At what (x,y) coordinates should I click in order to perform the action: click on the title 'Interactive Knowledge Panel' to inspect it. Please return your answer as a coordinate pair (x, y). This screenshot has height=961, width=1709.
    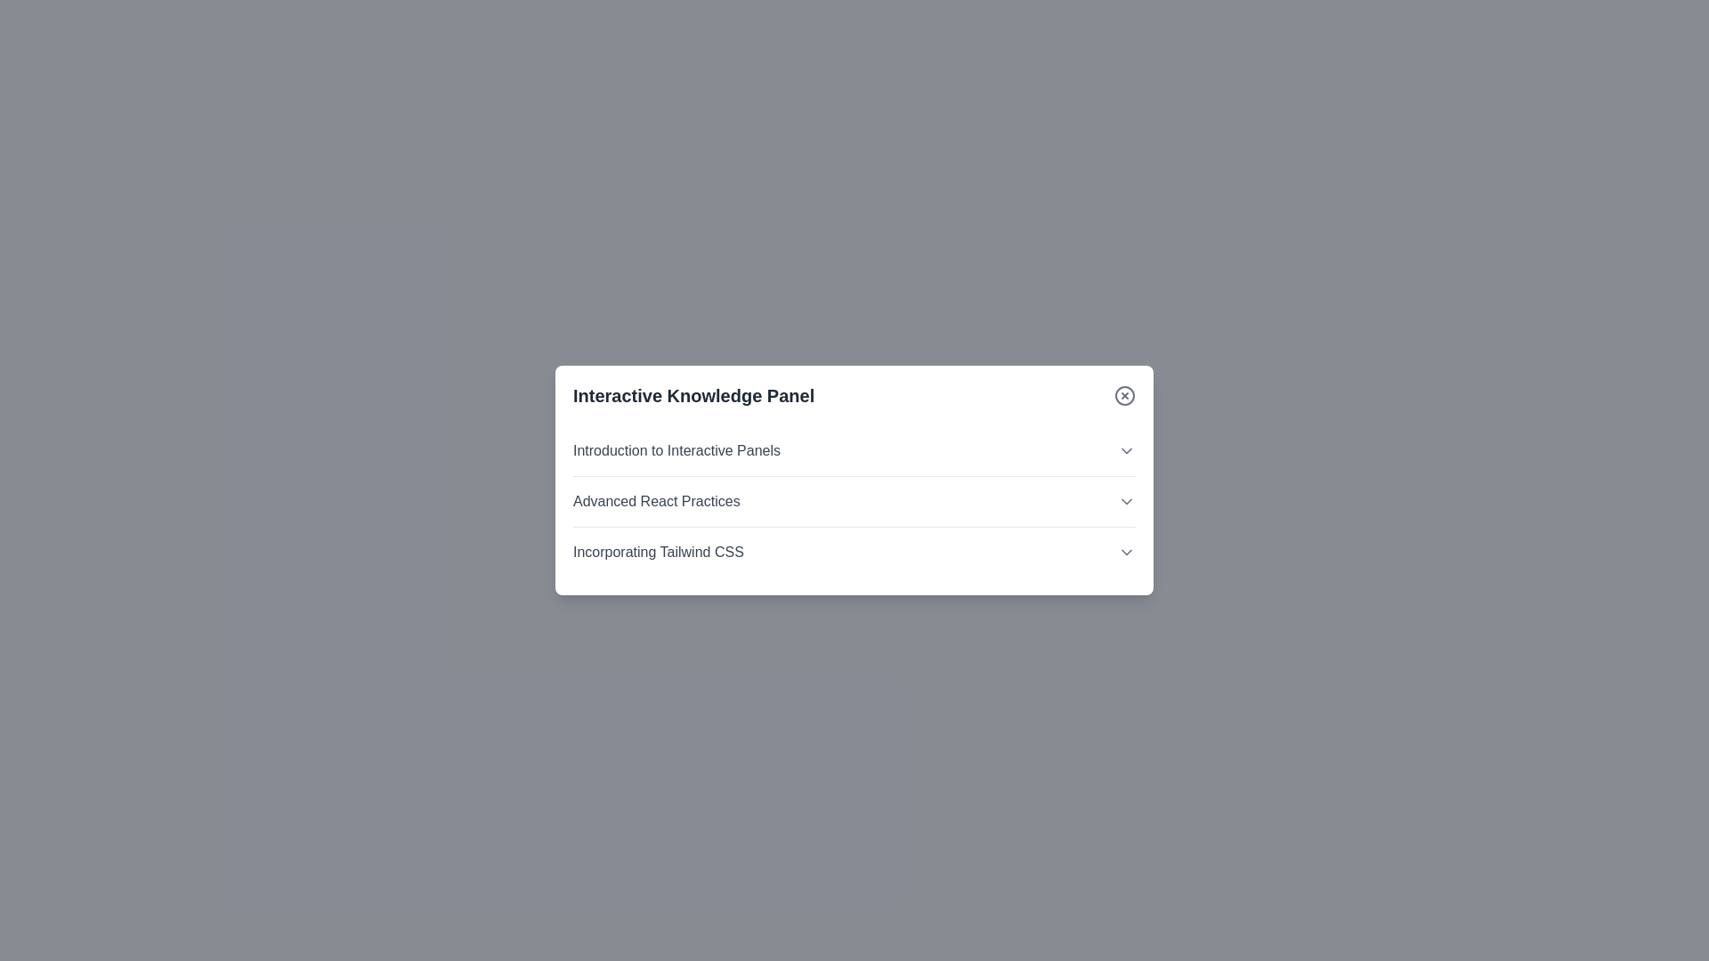
    Looking at the image, I should click on (692, 394).